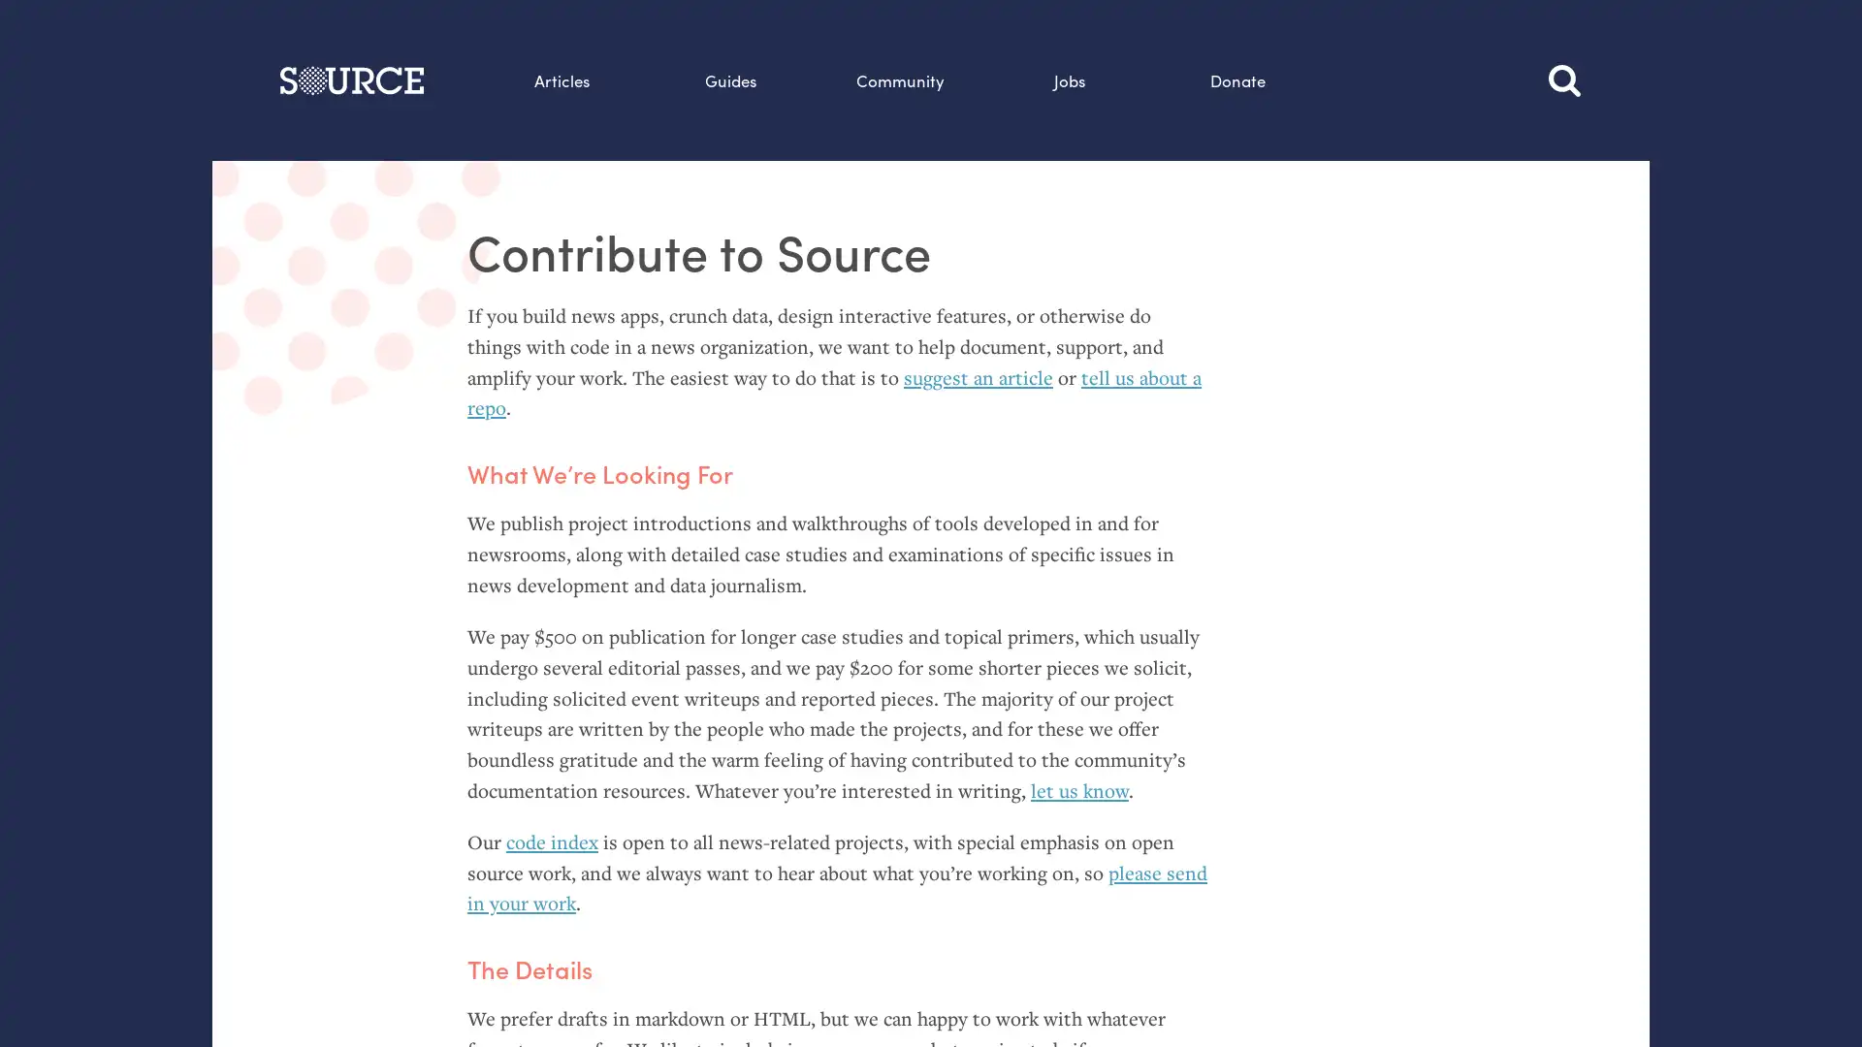  What do you see at coordinates (1563, 252) in the screenshot?
I see `Search` at bounding box center [1563, 252].